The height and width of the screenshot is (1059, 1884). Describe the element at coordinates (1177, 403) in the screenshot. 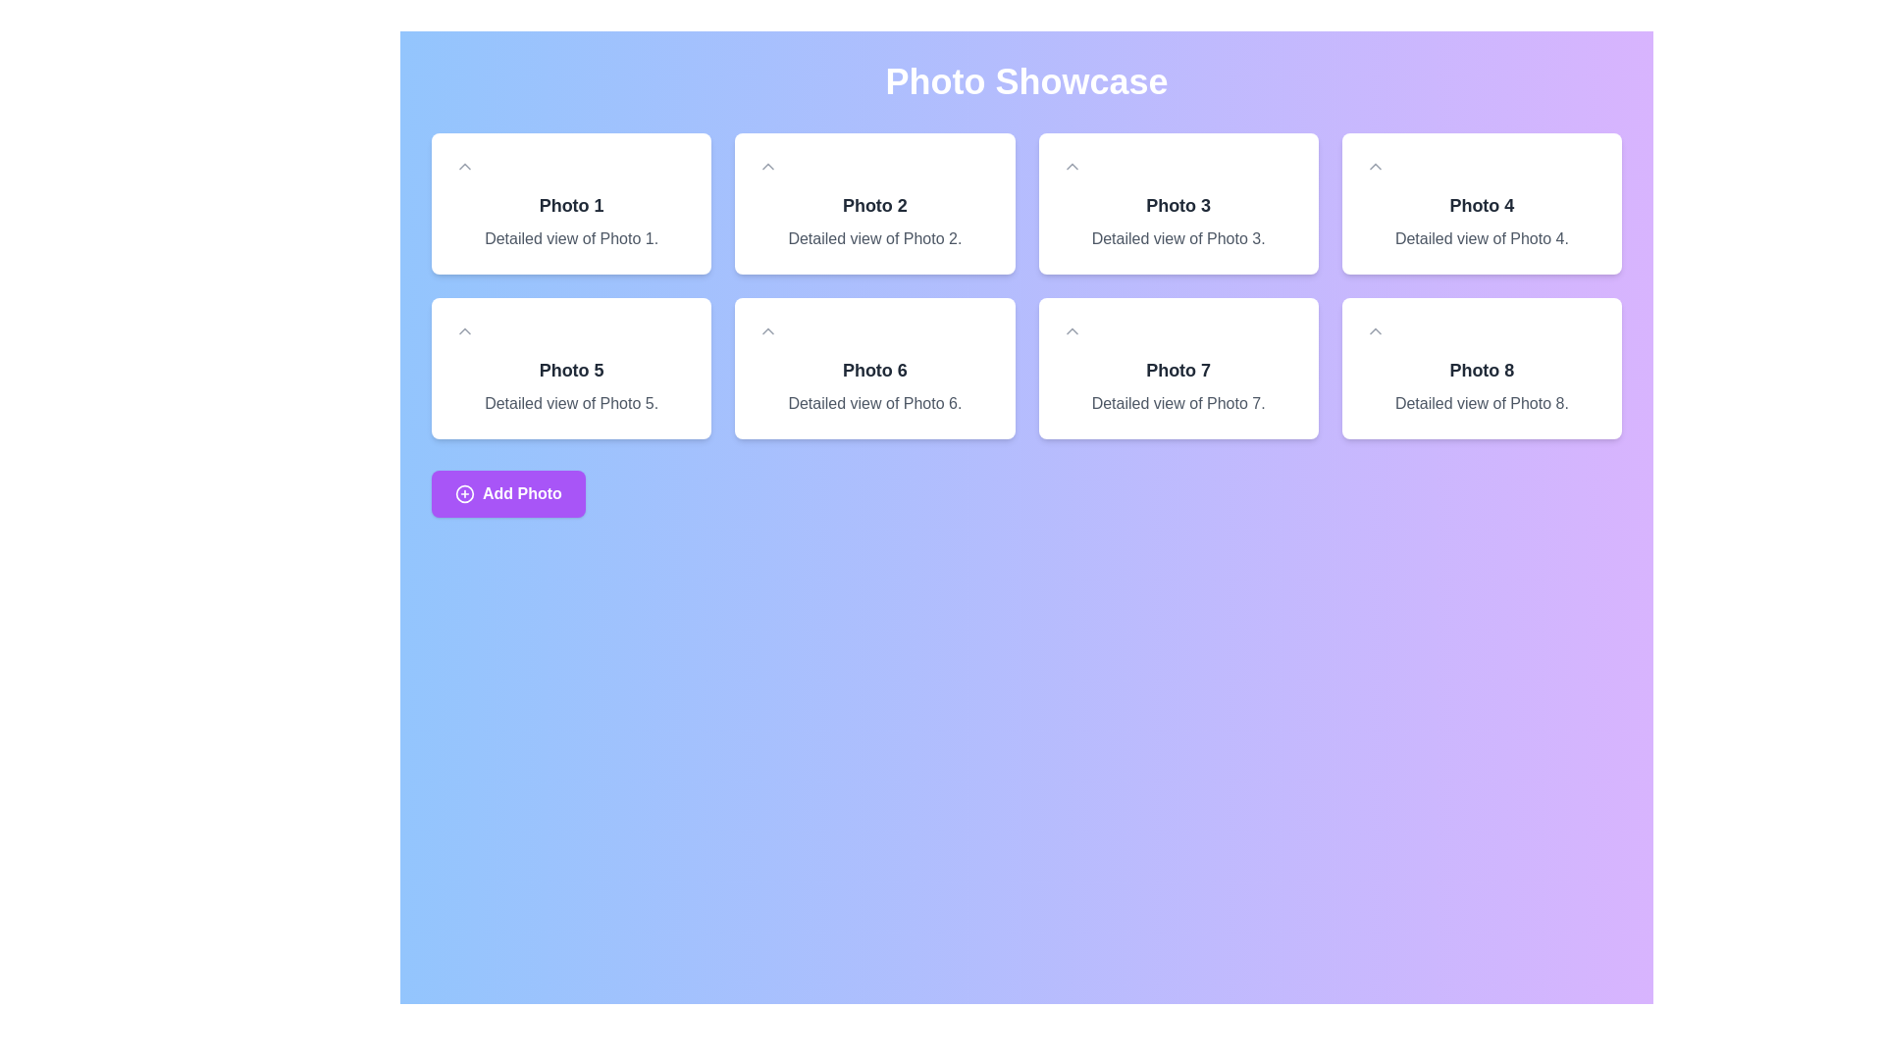

I see `the descriptive text label for 'Photo 7' located below the heading in the photo card in the second row, third column of the 'Photo Showcase' interface` at that location.